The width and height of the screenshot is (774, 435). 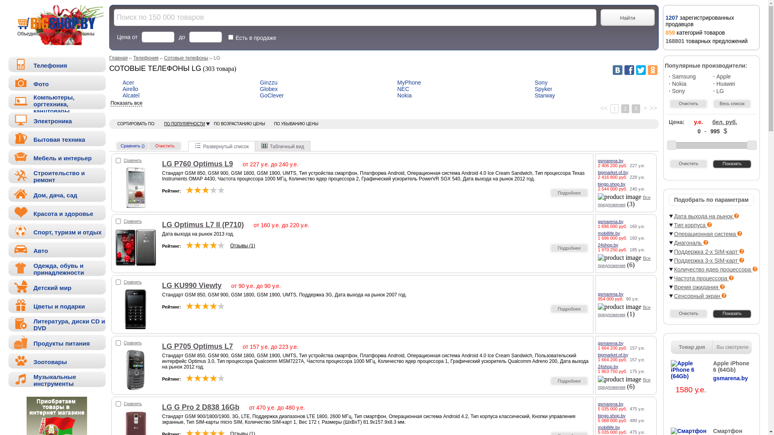 What do you see at coordinates (625, 109) in the screenshot?
I see `'2'` at bounding box center [625, 109].